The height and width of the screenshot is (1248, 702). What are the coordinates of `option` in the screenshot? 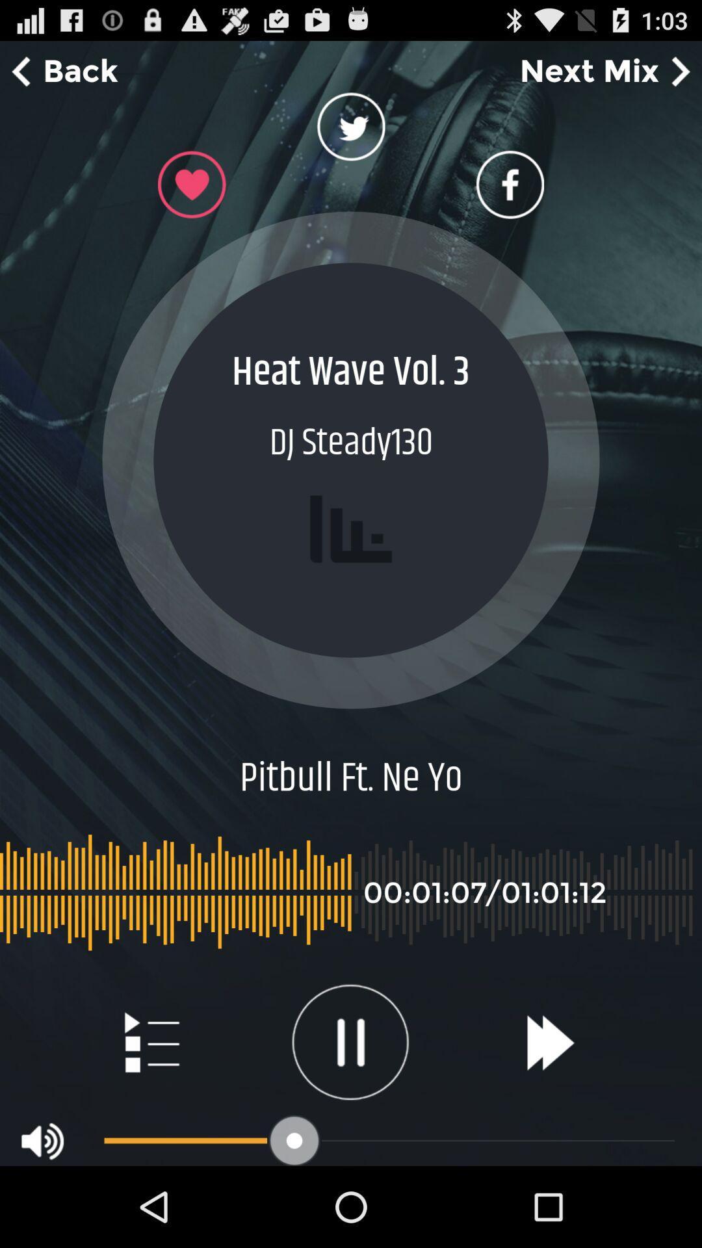 It's located at (192, 184).